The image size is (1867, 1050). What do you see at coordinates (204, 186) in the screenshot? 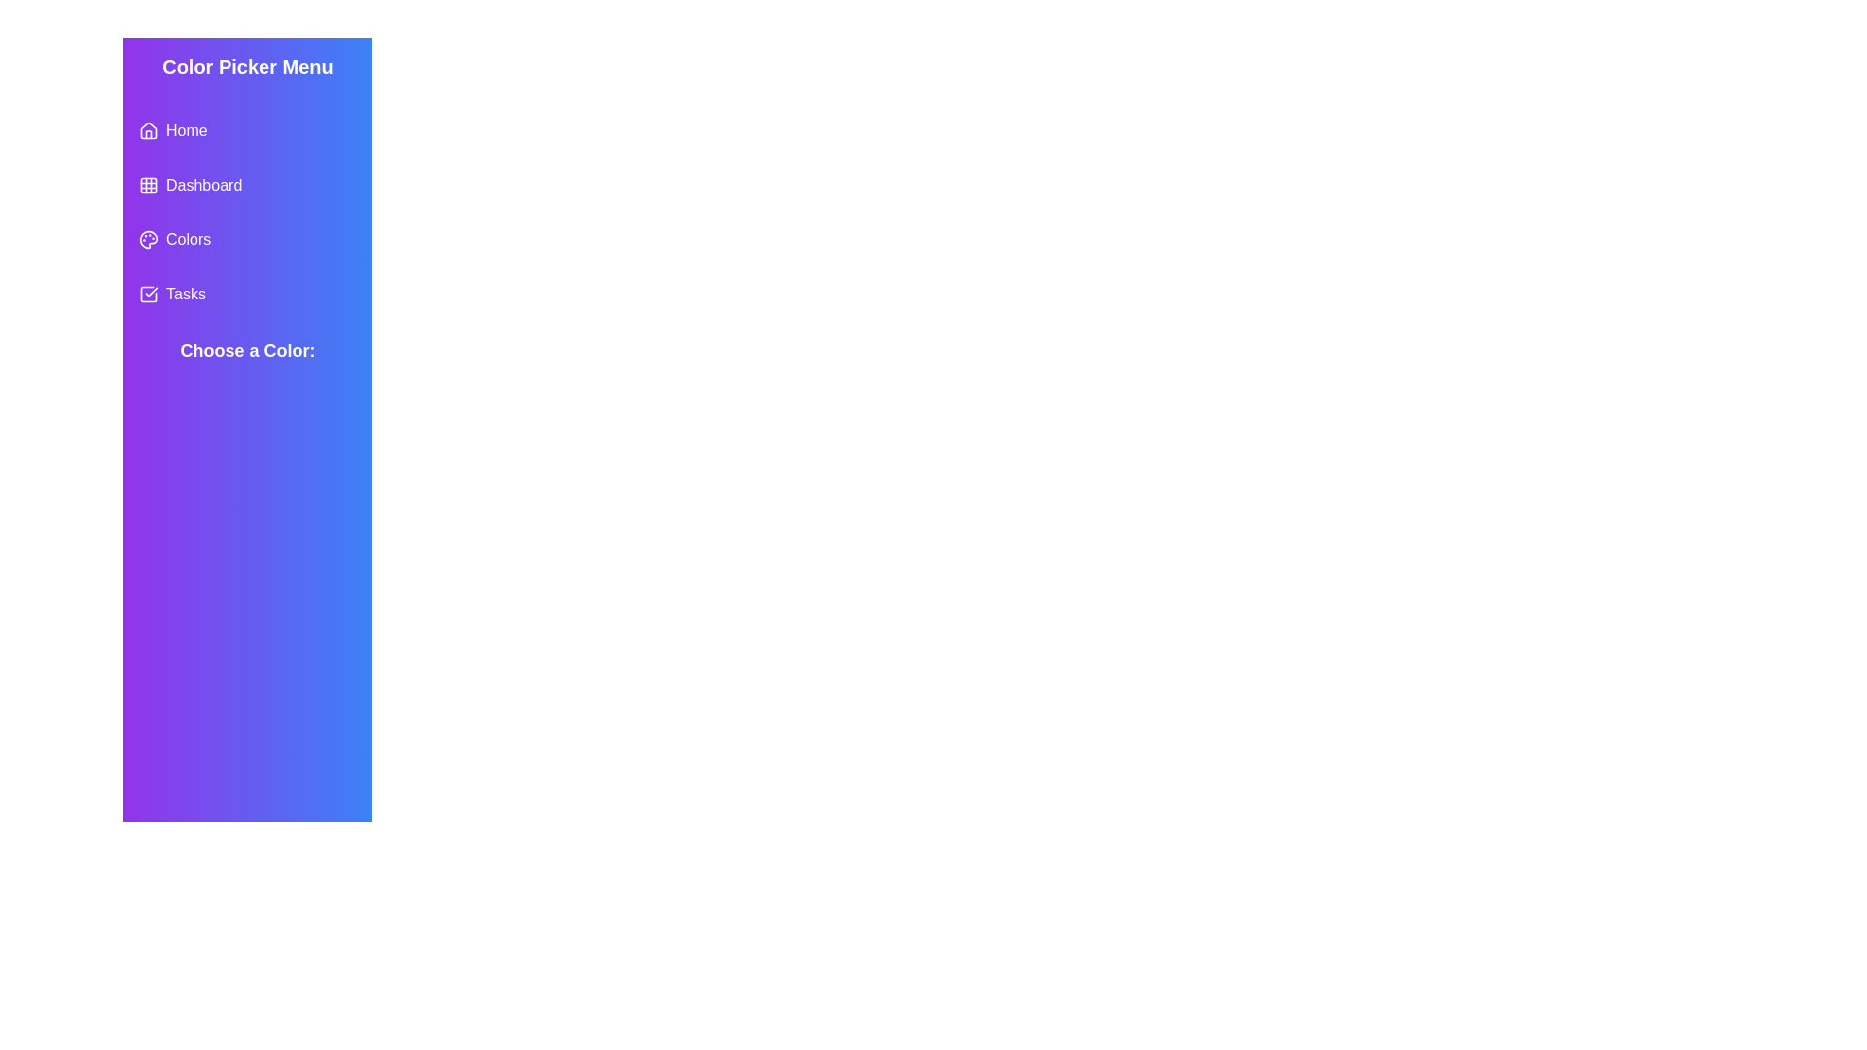
I see `the 'Dashboard' label located in the second position of the left-hand sidebar navigation menu` at bounding box center [204, 186].